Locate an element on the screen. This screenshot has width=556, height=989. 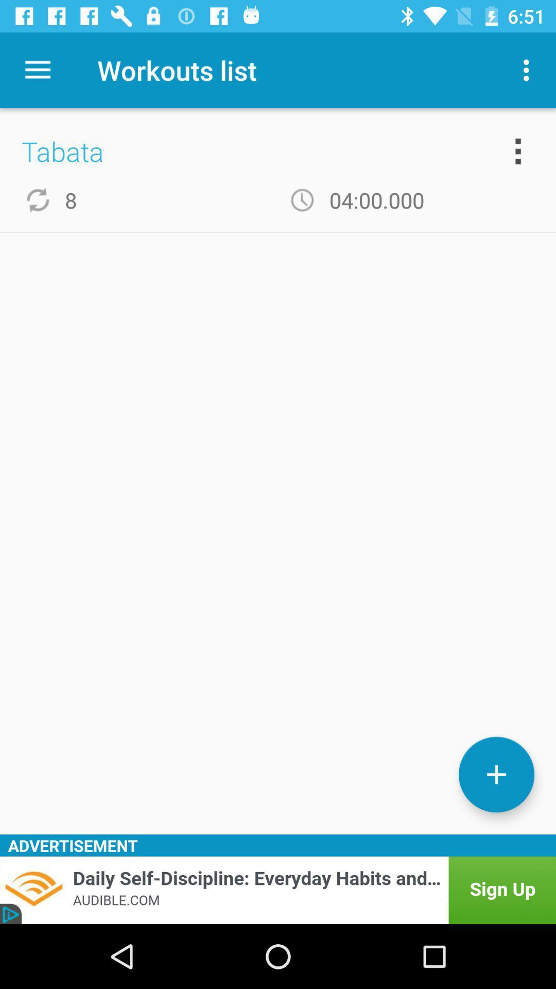
item at the bottom right corner is located at coordinates (496, 774).